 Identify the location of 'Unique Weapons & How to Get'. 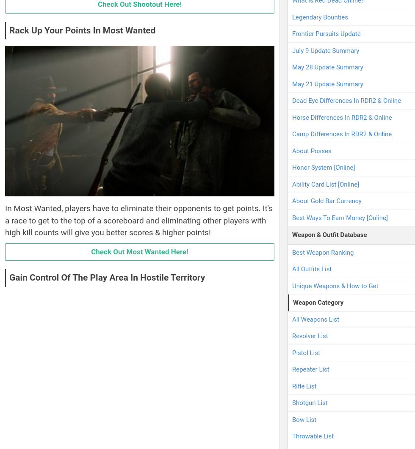
(335, 285).